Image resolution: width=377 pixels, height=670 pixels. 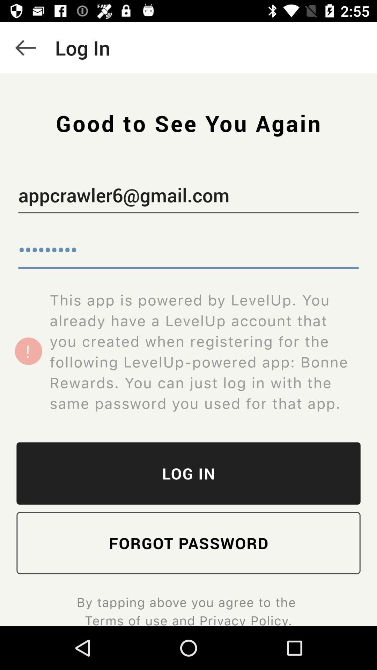 What do you see at coordinates (188, 196) in the screenshot?
I see `the appcrawler6@gmail.com` at bounding box center [188, 196].